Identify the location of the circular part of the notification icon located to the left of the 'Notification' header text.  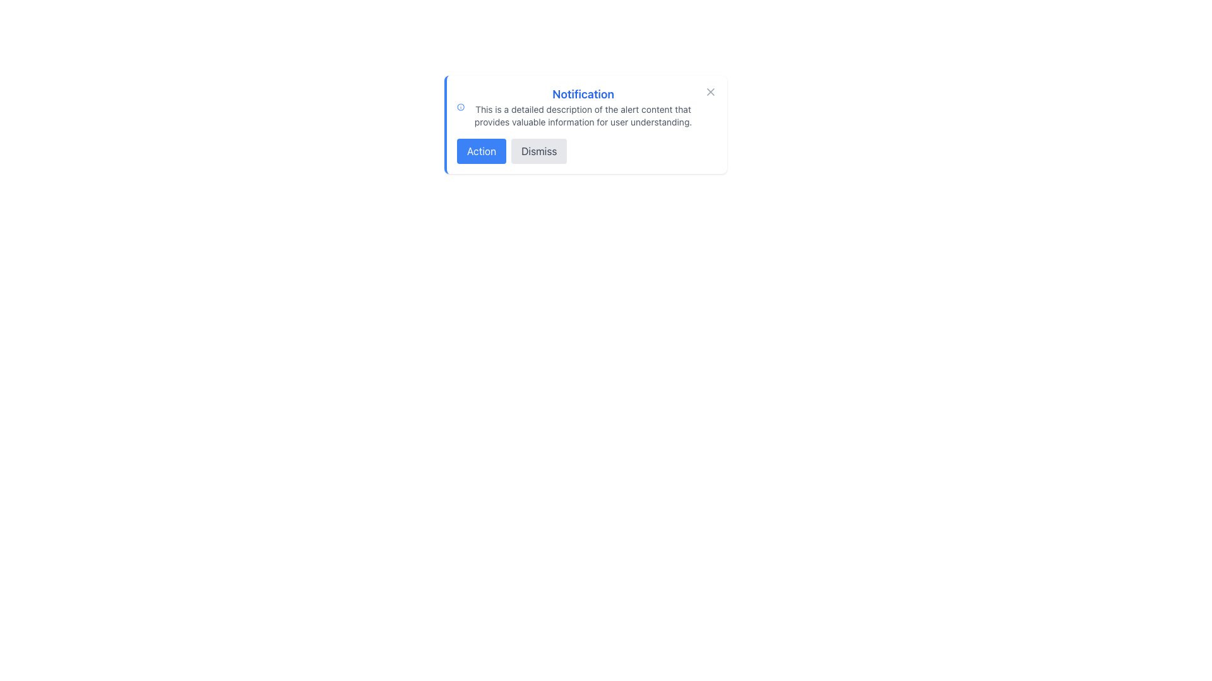
(460, 106).